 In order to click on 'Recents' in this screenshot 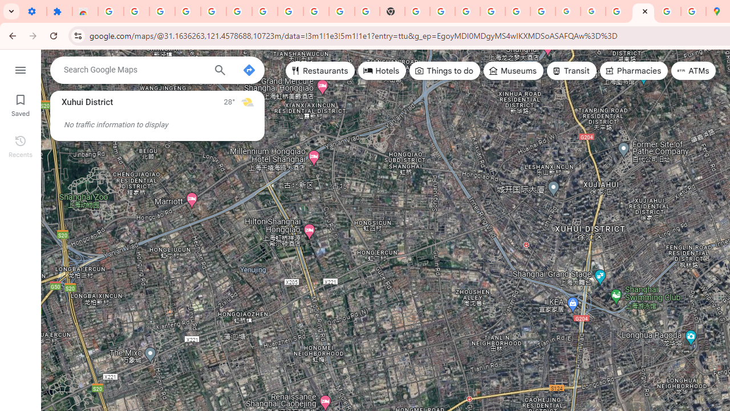, I will do `click(20, 144)`.